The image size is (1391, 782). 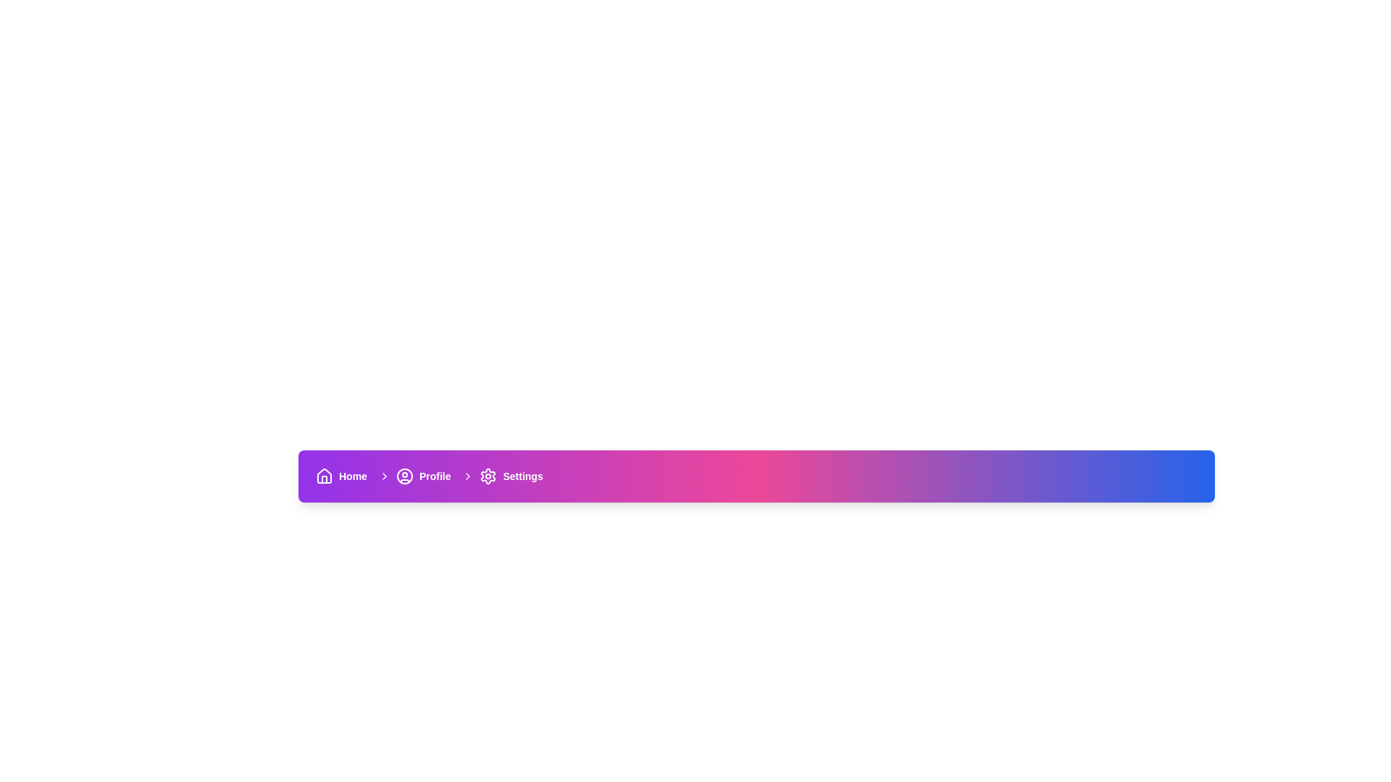 What do you see at coordinates (434, 476) in the screenshot?
I see `the 'Profile' text label in the navigation bar, which is styled in small, bold font and is positioned near a user avatar icon` at bounding box center [434, 476].